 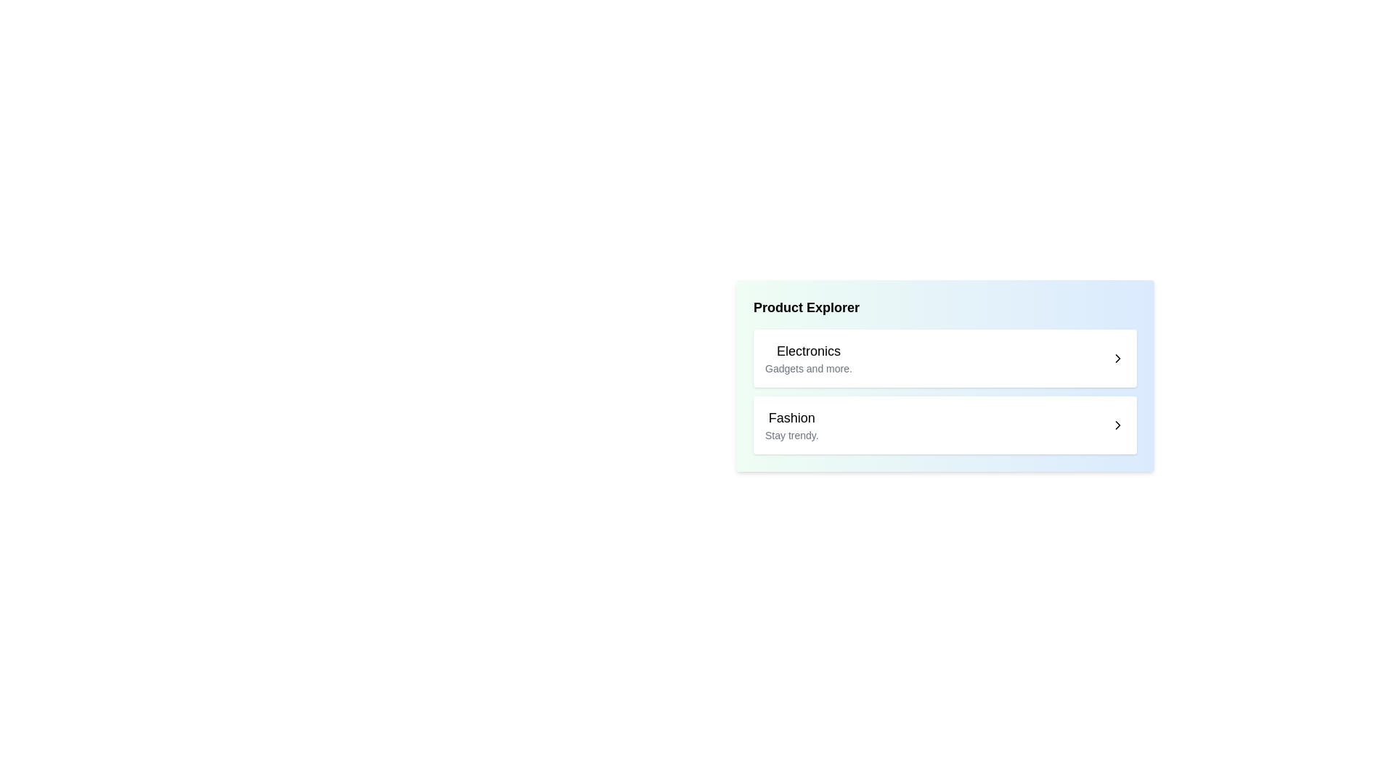 What do you see at coordinates (945, 358) in the screenshot?
I see `the 'Electronics' menu option, which is the first item in a vertically stacked list` at bounding box center [945, 358].